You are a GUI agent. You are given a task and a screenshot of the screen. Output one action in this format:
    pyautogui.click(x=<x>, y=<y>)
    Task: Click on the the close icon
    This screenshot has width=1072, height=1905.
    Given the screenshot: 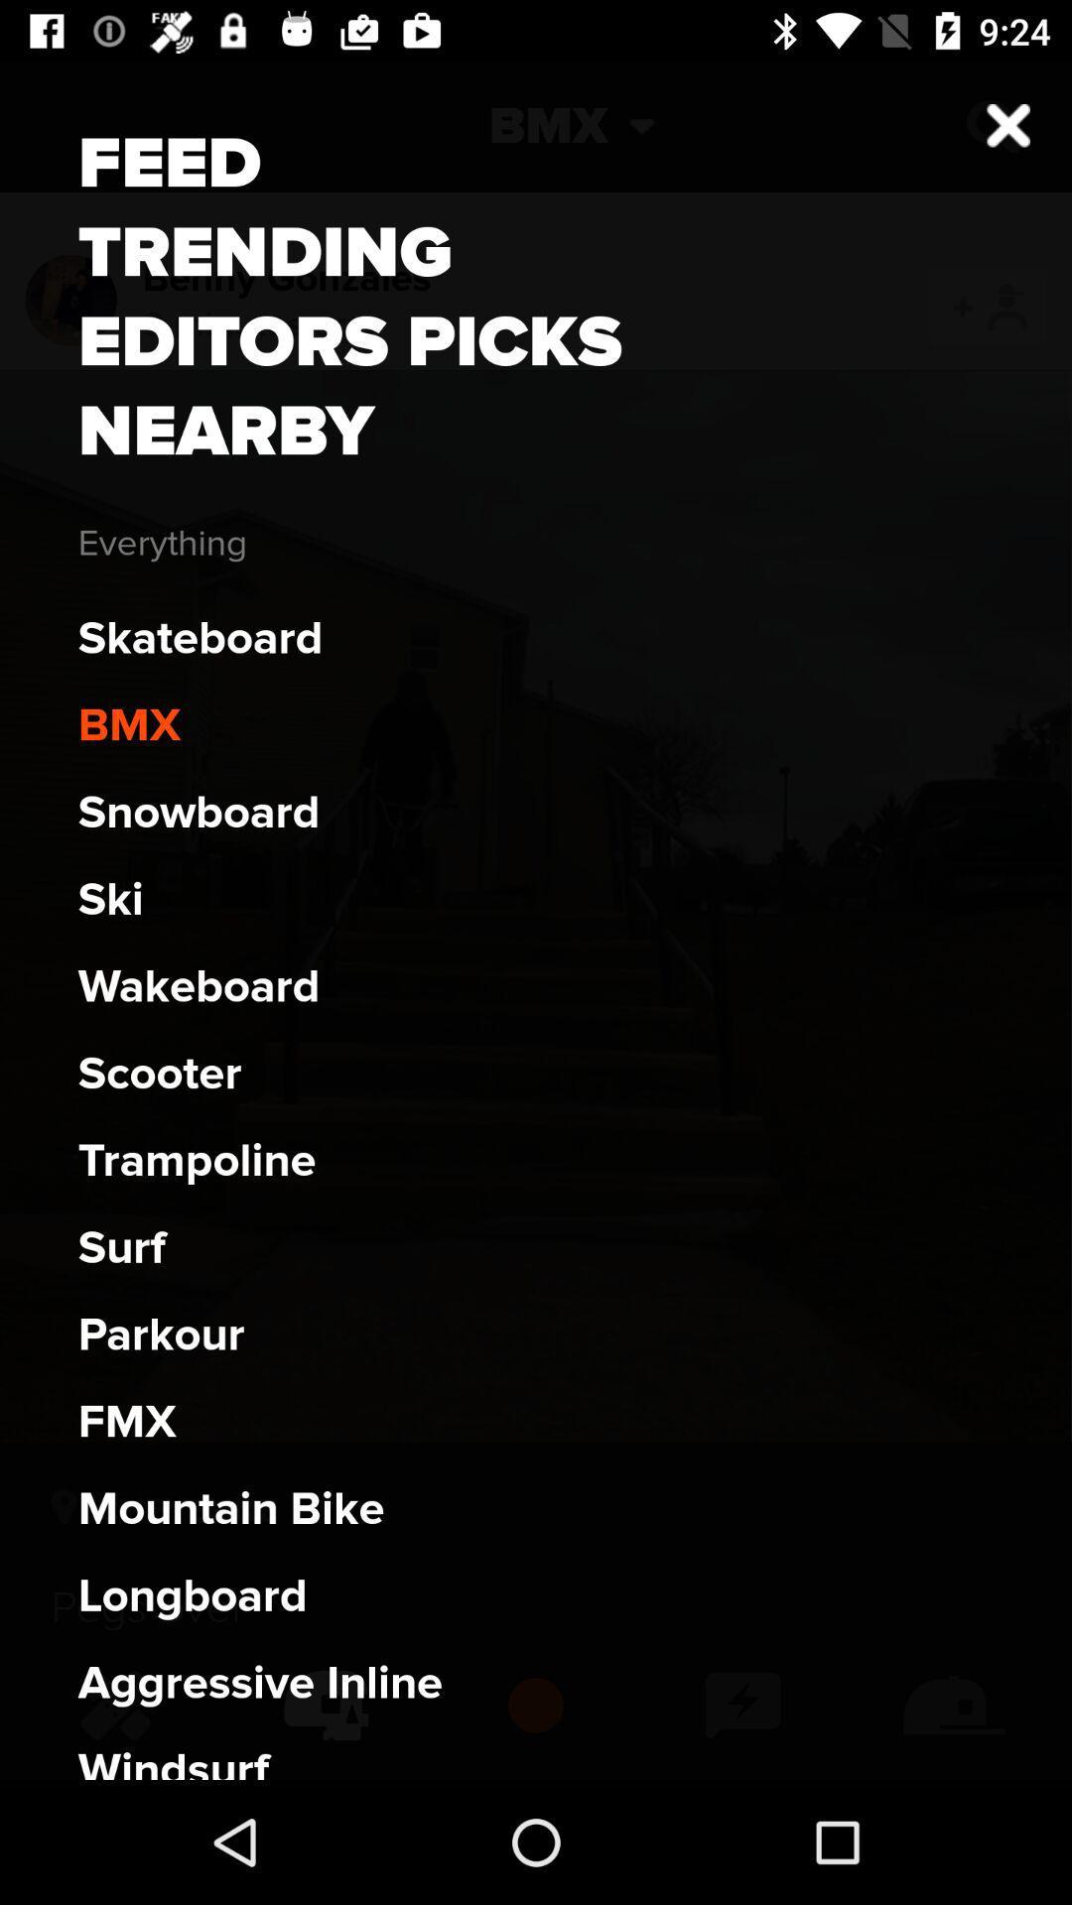 What is the action you would take?
    pyautogui.click(x=1008, y=124)
    